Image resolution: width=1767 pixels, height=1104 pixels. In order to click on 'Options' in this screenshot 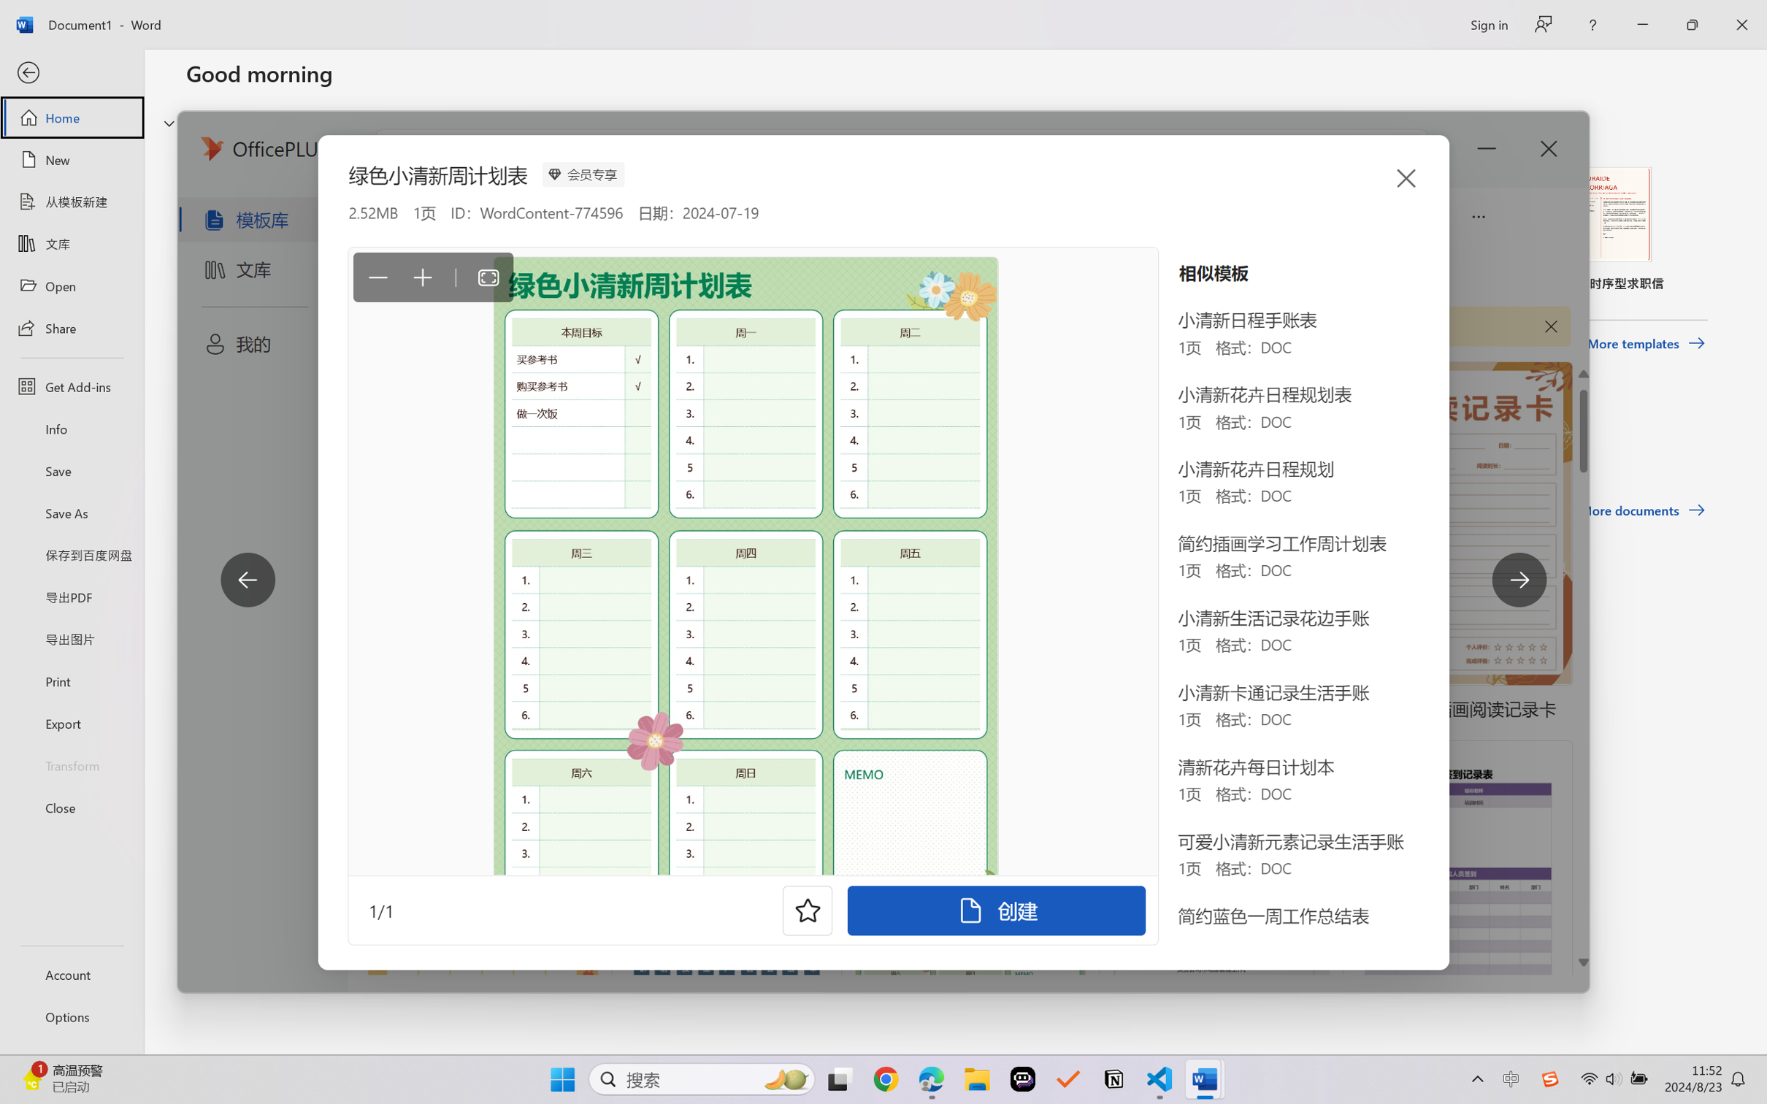, I will do `click(71, 1016)`.